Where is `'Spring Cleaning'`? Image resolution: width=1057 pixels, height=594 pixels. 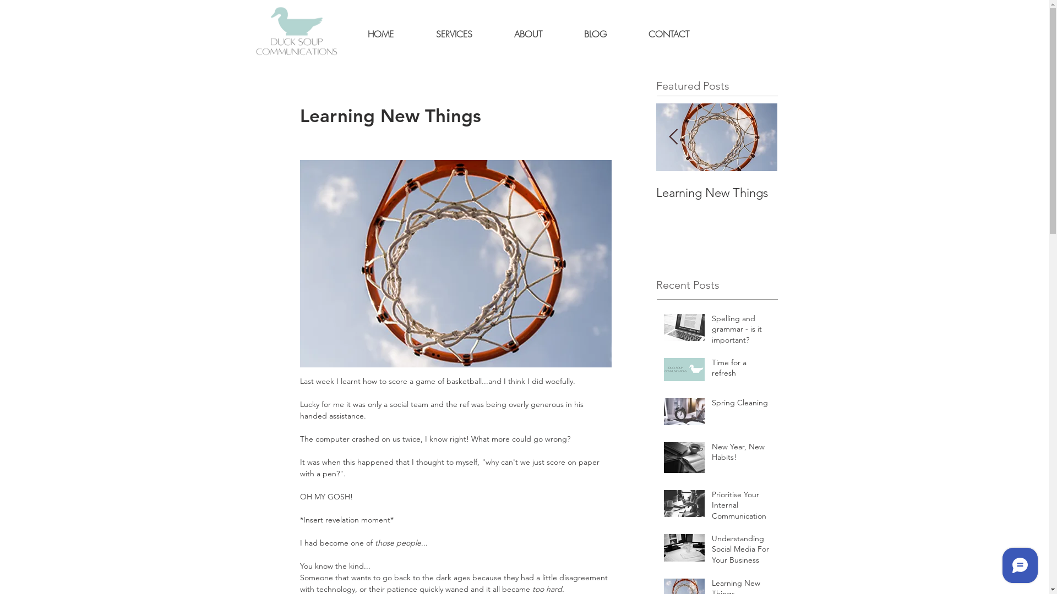
'Spring Cleaning' is located at coordinates (171, 192).